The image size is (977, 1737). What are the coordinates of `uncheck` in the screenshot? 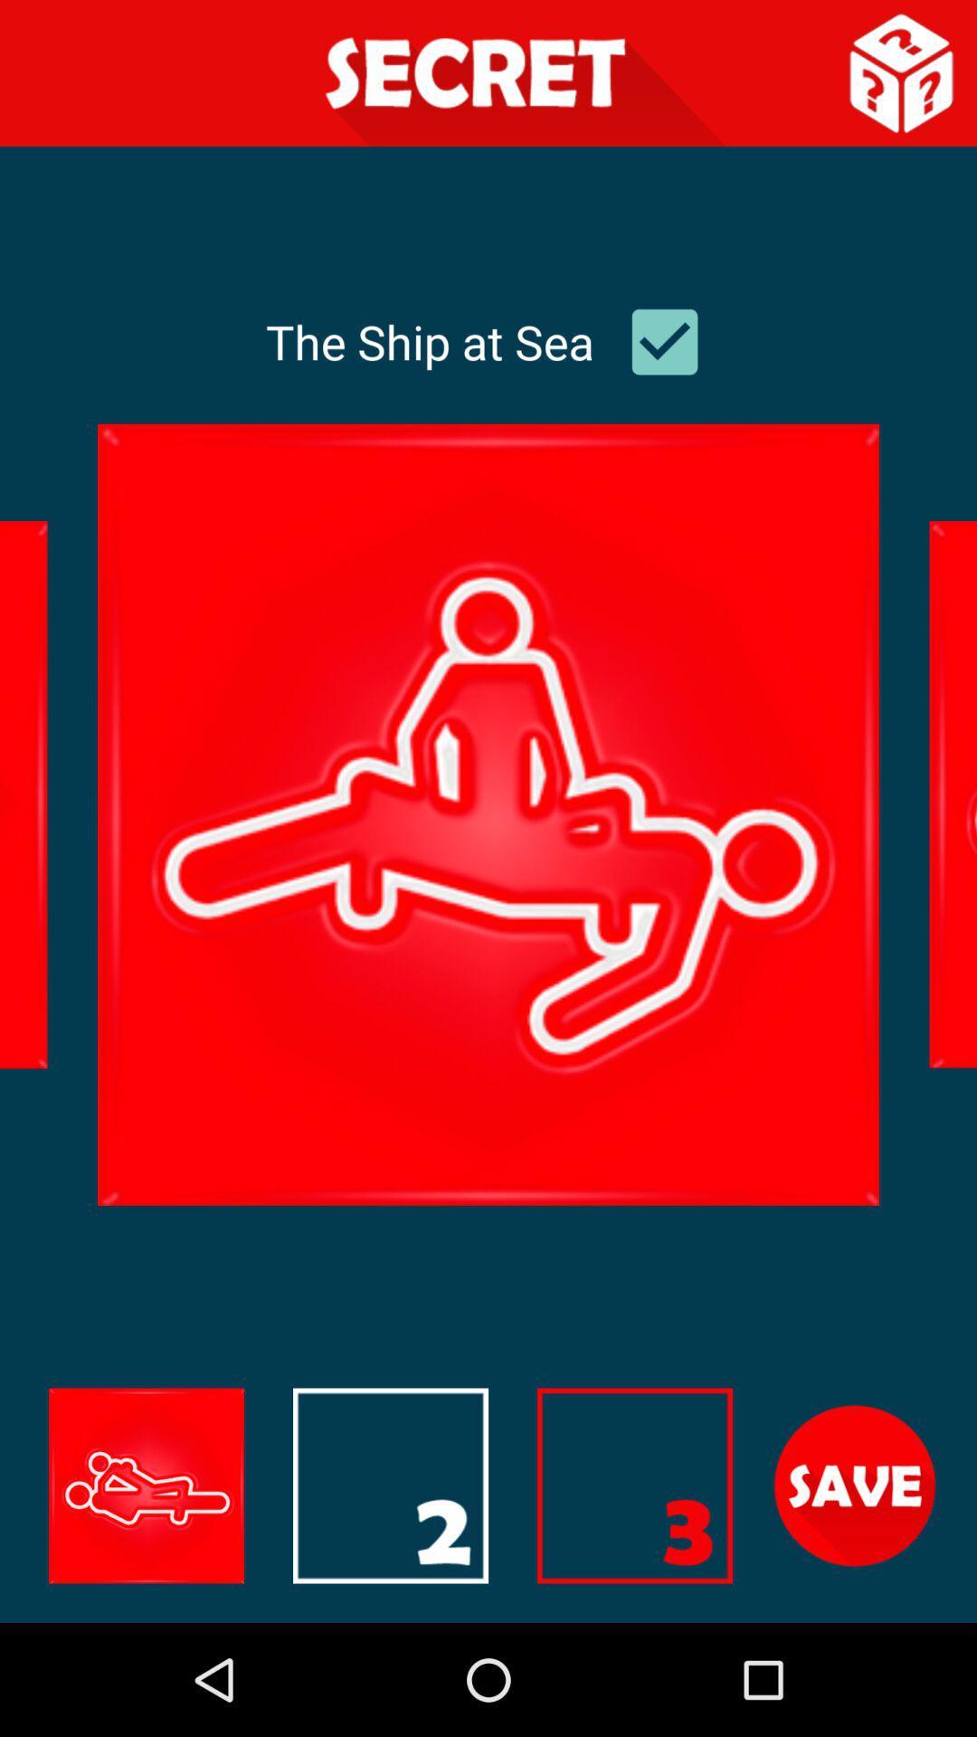 It's located at (665, 342).